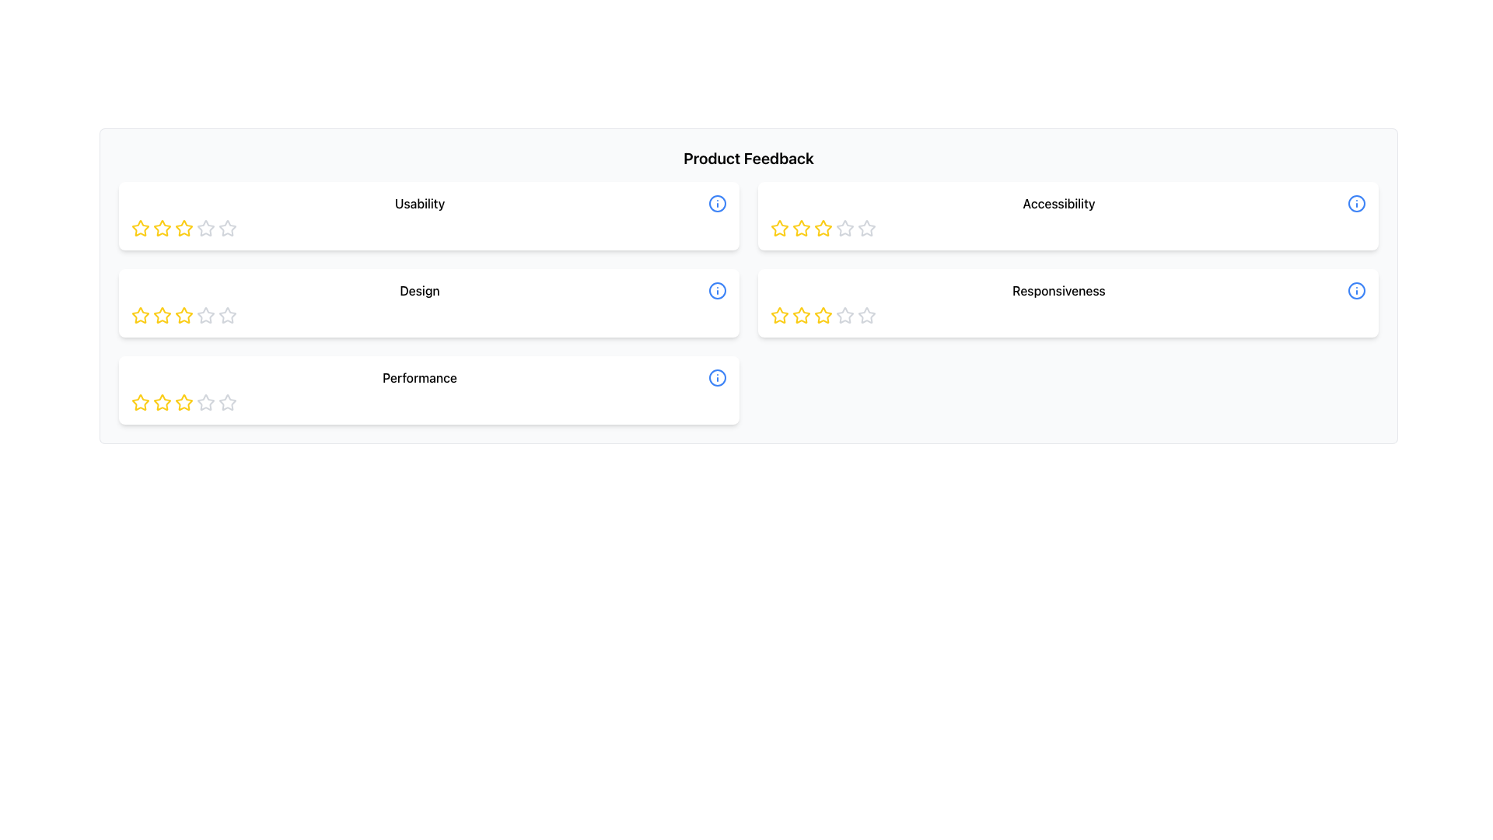 The width and height of the screenshot is (1493, 840). Describe the element at coordinates (141, 315) in the screenshot. I see `the leftmost yellow star icon in the 'Design' rating section` at that location.